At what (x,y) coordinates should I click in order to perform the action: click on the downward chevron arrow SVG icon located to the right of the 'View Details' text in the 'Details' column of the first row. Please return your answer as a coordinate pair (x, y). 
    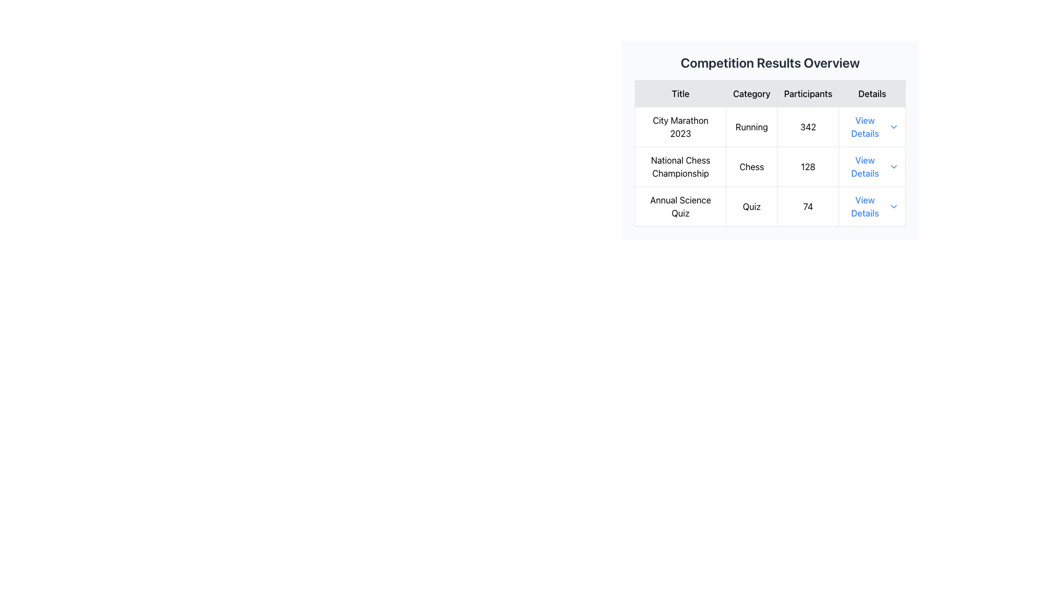
    Looking at the image, I should click on (893, 126).